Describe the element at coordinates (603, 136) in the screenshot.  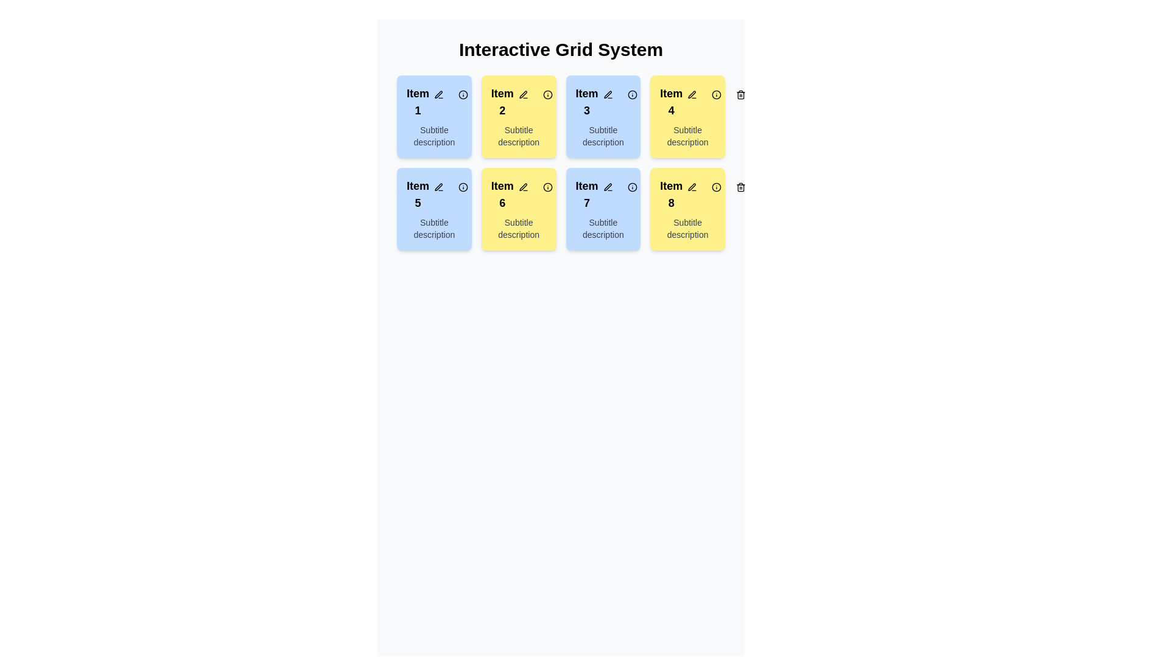
I see `the text label displaying 'Subtitle description'` at that location.